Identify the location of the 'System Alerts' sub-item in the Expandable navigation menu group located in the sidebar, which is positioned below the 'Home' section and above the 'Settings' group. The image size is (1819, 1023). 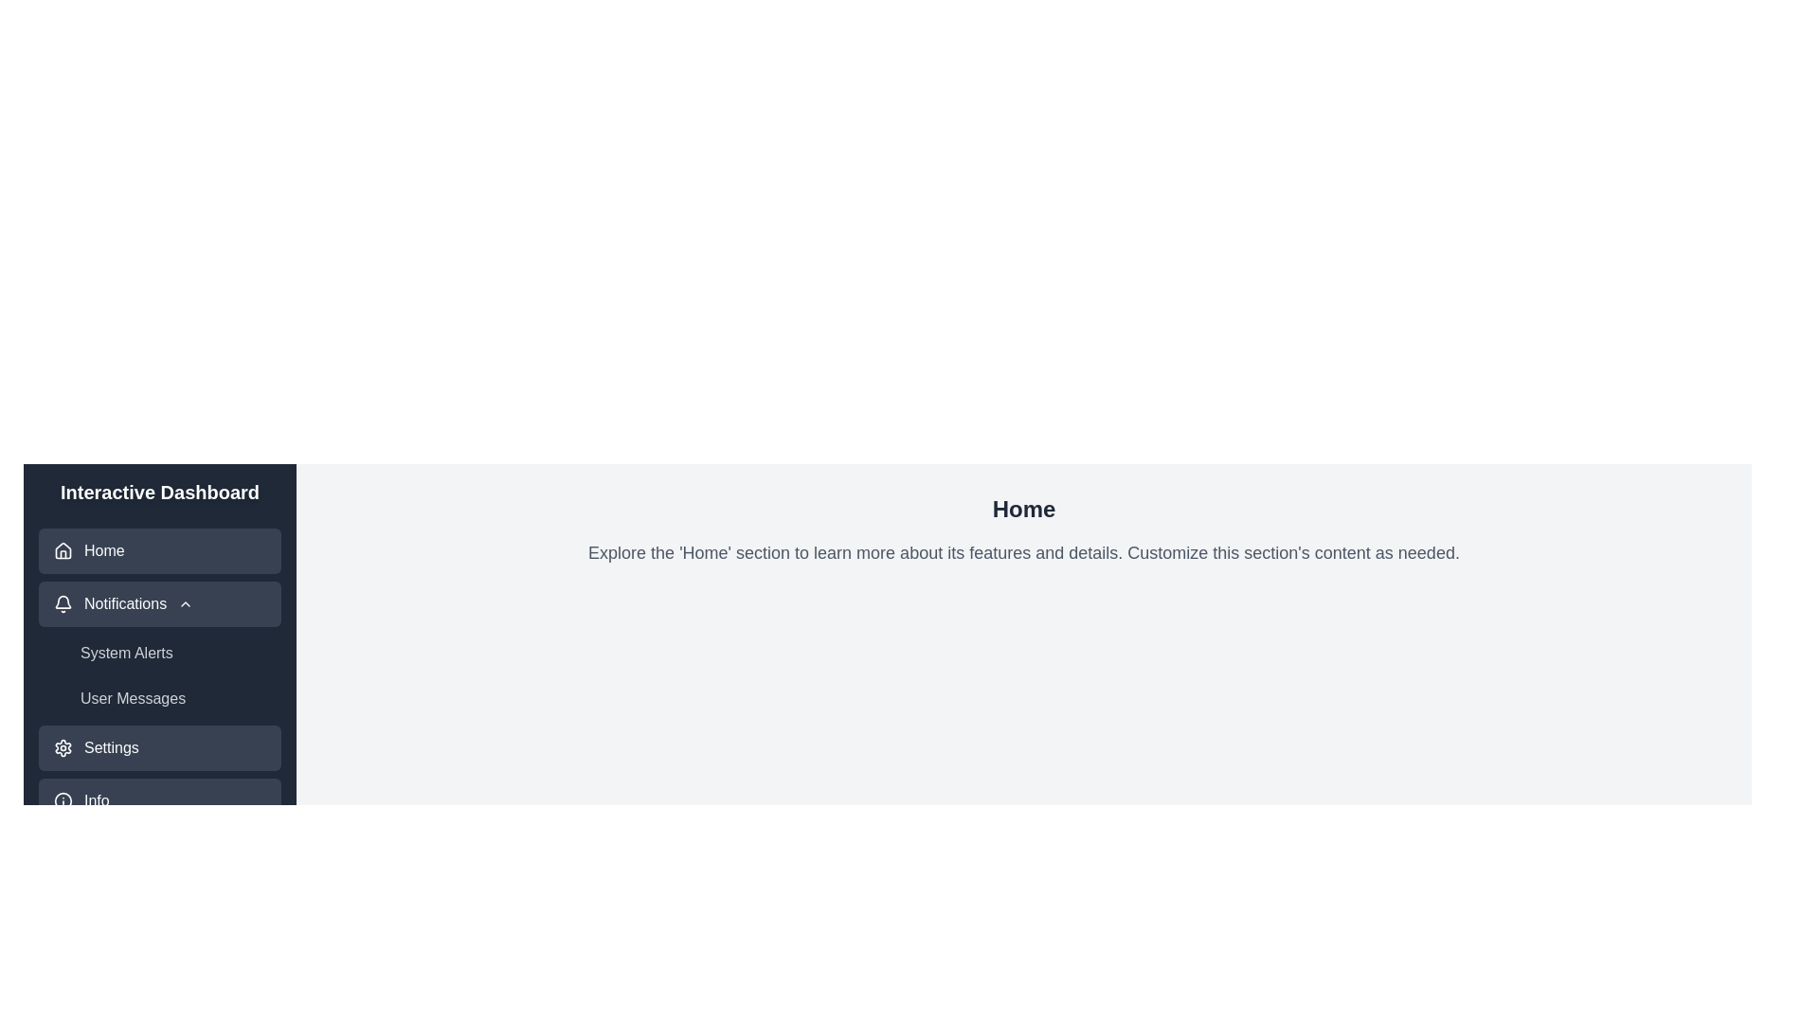
(159, 649).